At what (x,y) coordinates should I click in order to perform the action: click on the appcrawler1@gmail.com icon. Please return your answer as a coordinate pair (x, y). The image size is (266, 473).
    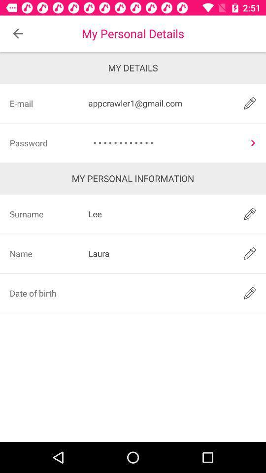
    Looking at the image, I should click on (159, 103).